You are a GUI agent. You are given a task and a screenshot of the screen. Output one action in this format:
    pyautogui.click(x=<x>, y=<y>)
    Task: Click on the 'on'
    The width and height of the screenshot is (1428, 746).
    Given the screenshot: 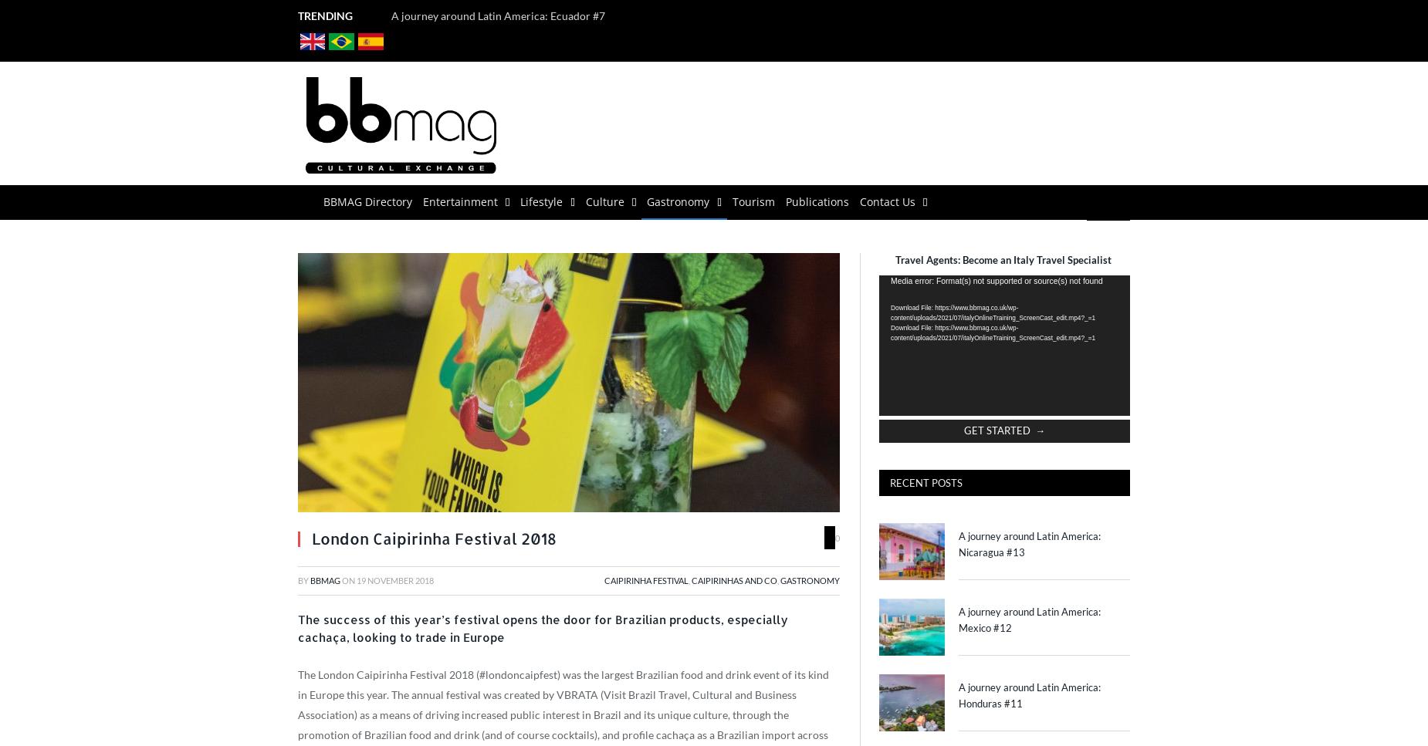 What is the action you would take?
    pyautogui.click(x=348, y=579)
    